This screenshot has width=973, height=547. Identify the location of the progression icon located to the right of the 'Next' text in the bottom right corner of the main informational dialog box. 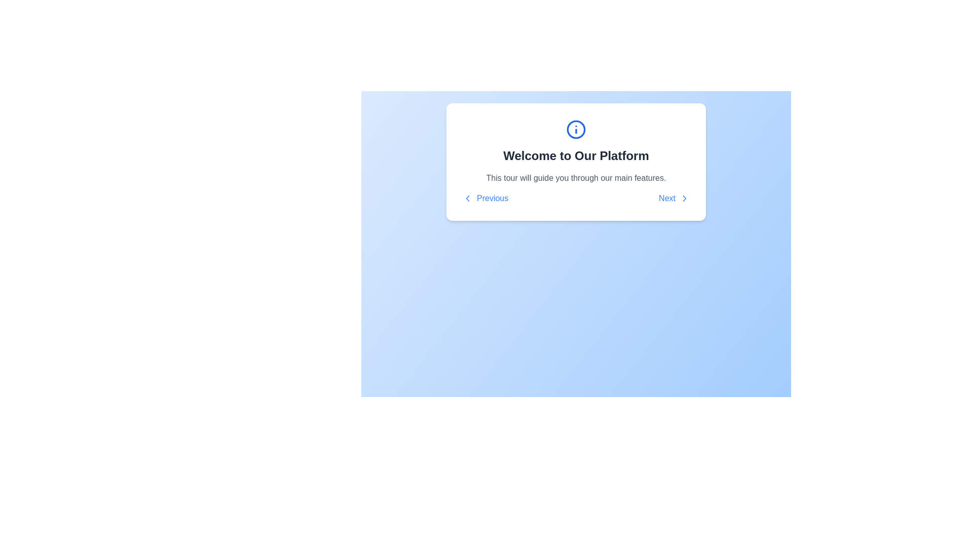
(684, 199).